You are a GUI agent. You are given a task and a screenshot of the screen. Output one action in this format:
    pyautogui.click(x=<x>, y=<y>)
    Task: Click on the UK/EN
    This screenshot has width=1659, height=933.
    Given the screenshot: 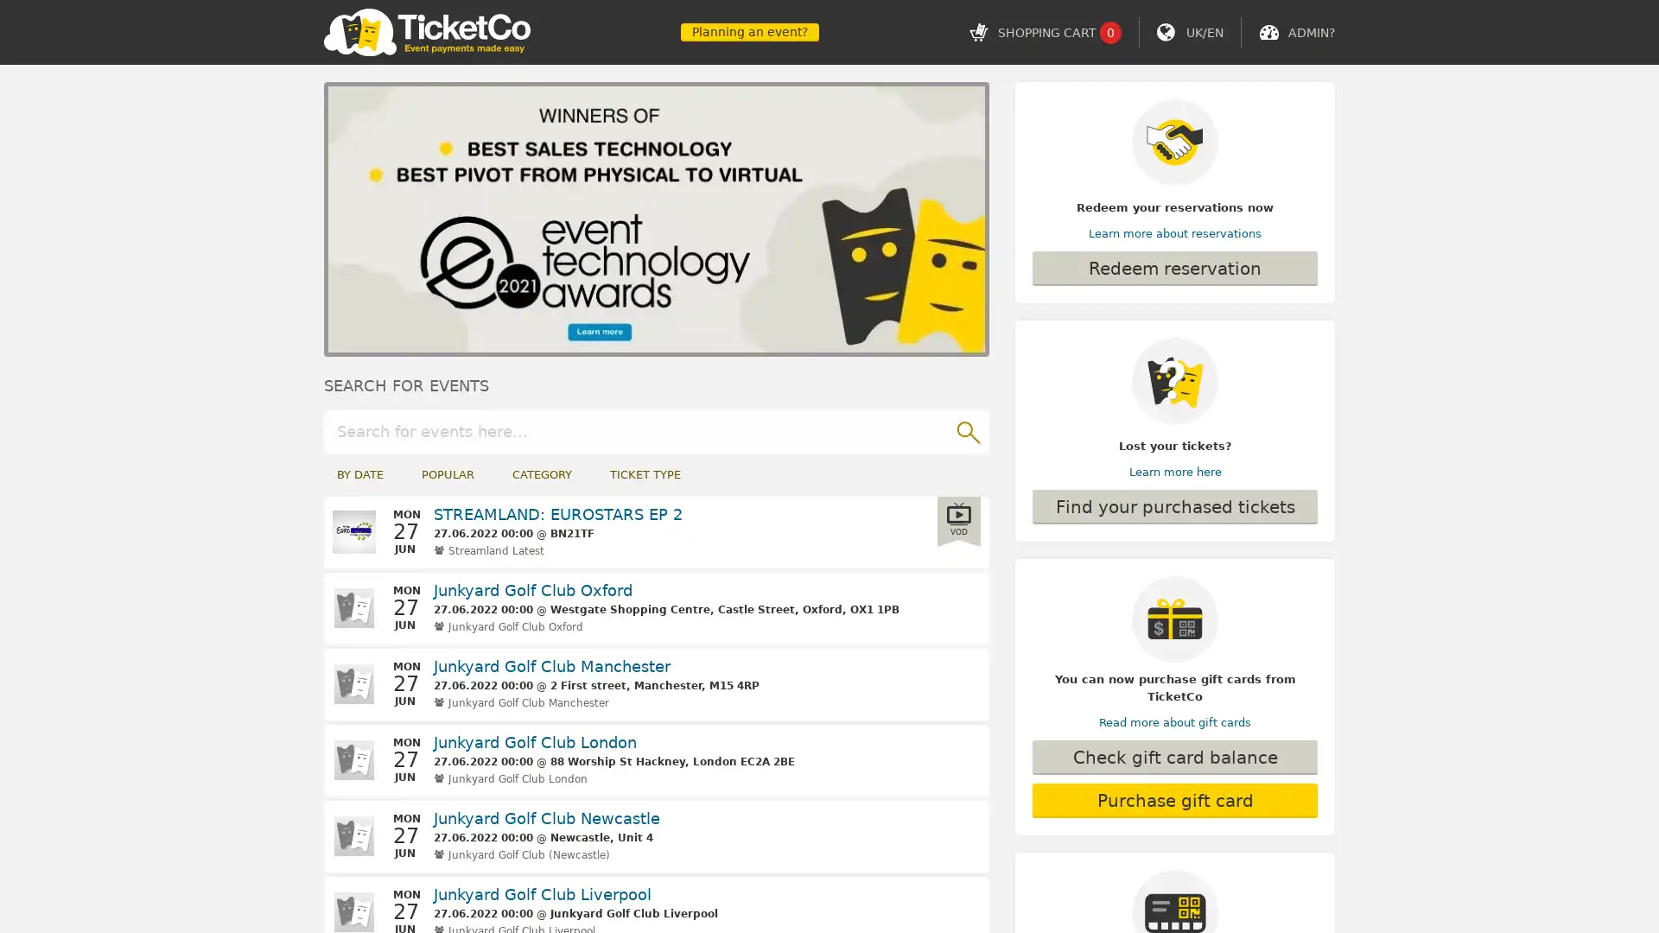 What is the action you would take?
    pyautogui.click(x=1204, y=32)
    